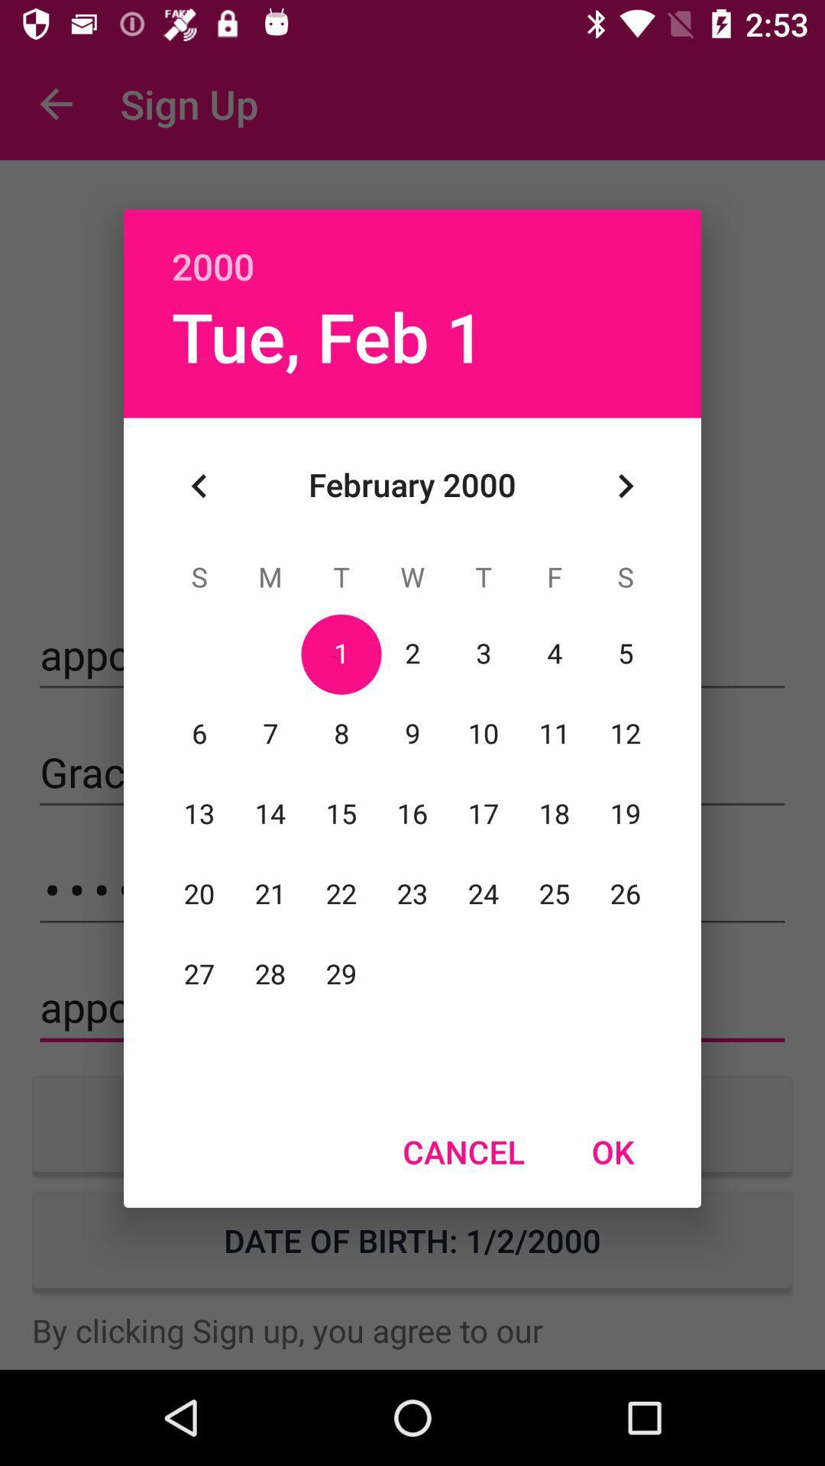 The height and width of the screenshot is (1466, 825). I want to click on the 2000 item, so click(412, 250).